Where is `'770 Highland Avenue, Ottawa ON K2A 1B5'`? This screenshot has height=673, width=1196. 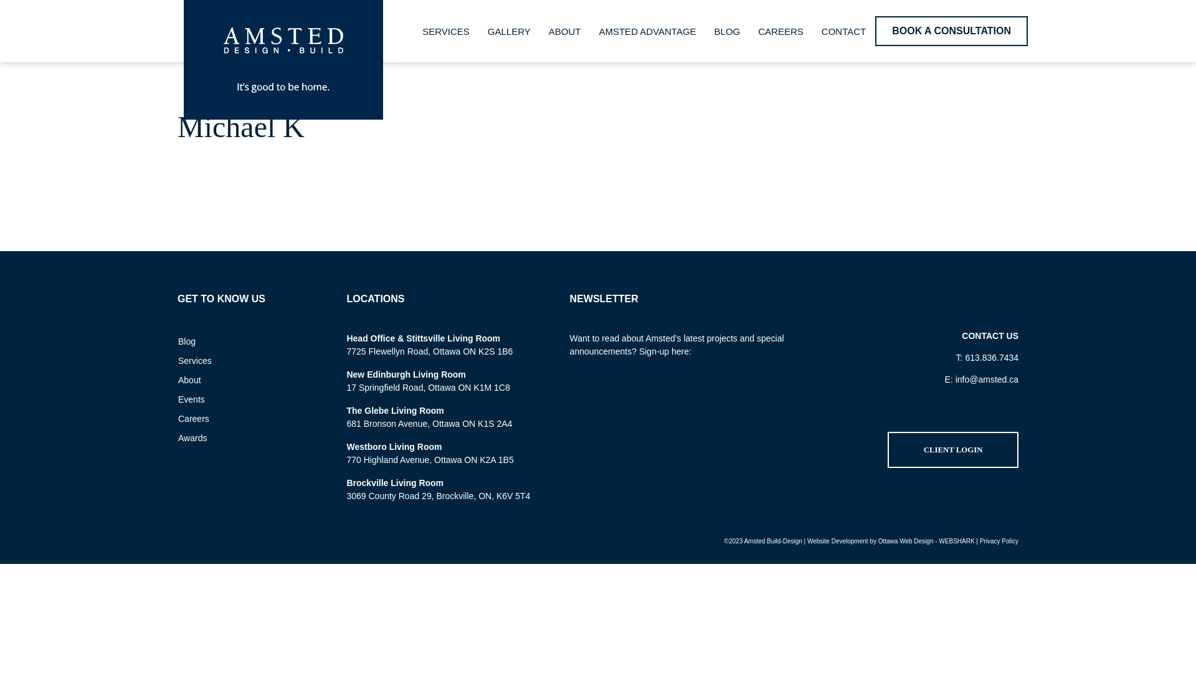
'770 Highland Avenue, Ottawa ON K2A 1B5' is located at coordinates (430, 459).